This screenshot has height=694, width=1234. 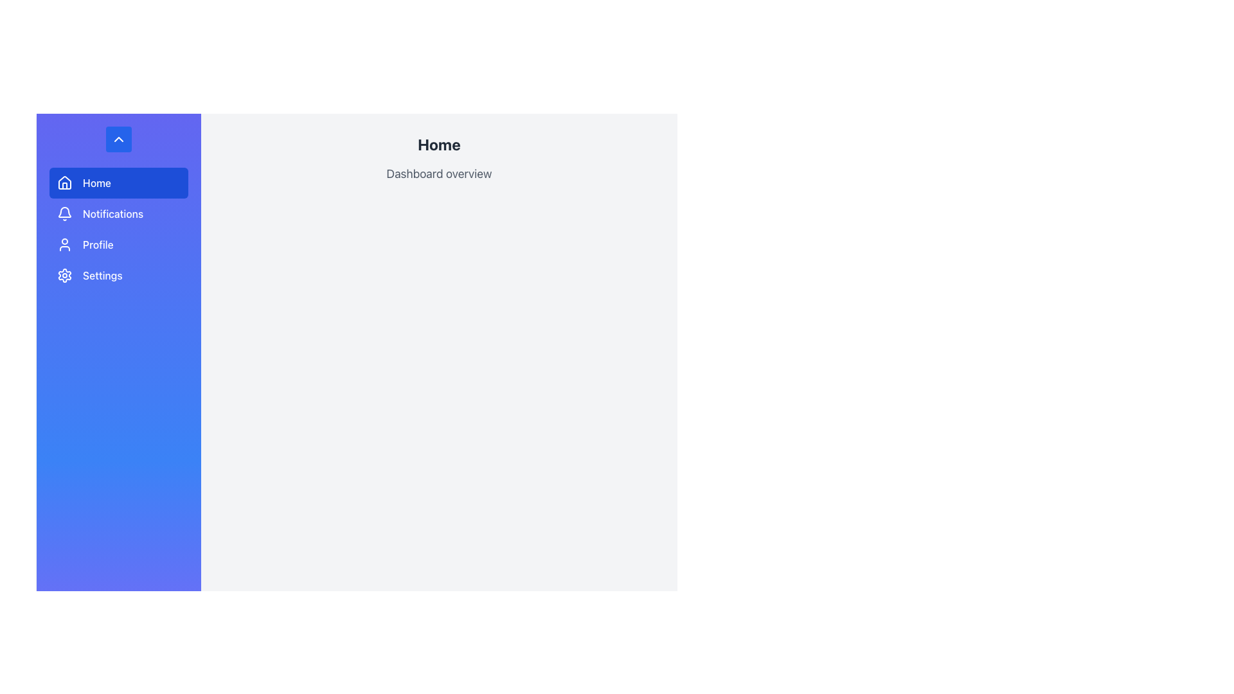 I want to click on the lower section of the house icon in the sidebar, which is completely filled with white and located directly above the 'Home' label, so click(x=64, y=182).